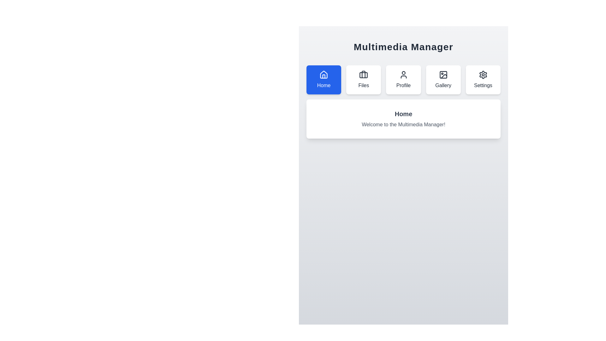 This screenshot has width=606, height=341. What do you see at coordinates (483, 80) in the screenshot?
I see `the navigation button located at the far right of the horizontal navigation bar to observe hover effects` at bounding box center [483, 80].